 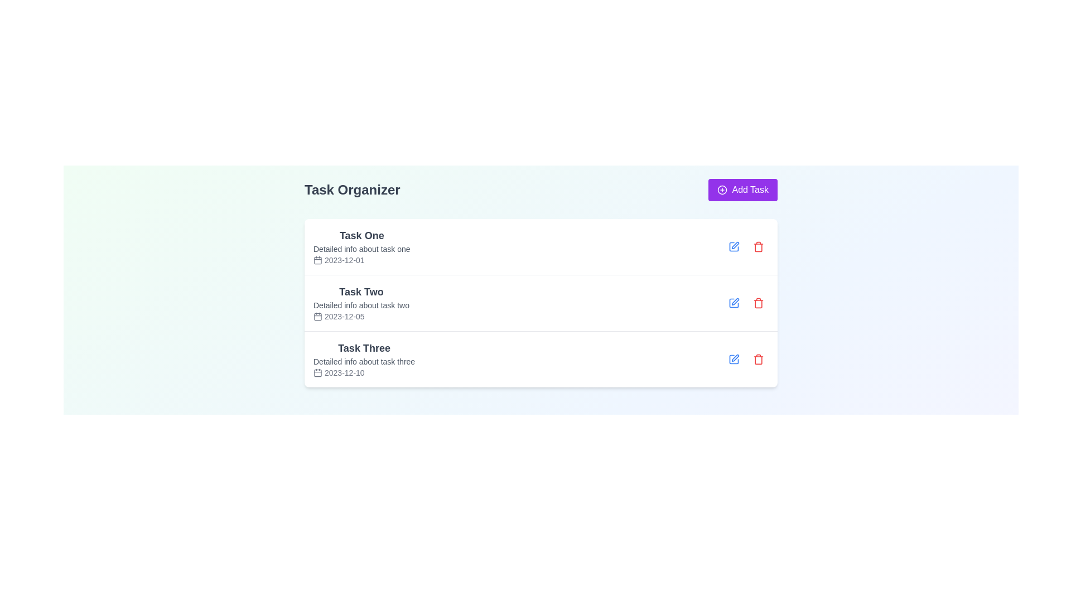 I want to click on the circular icon with a plus sign inside it, located within the 'Add Task' button, so click(x=722, y=189).